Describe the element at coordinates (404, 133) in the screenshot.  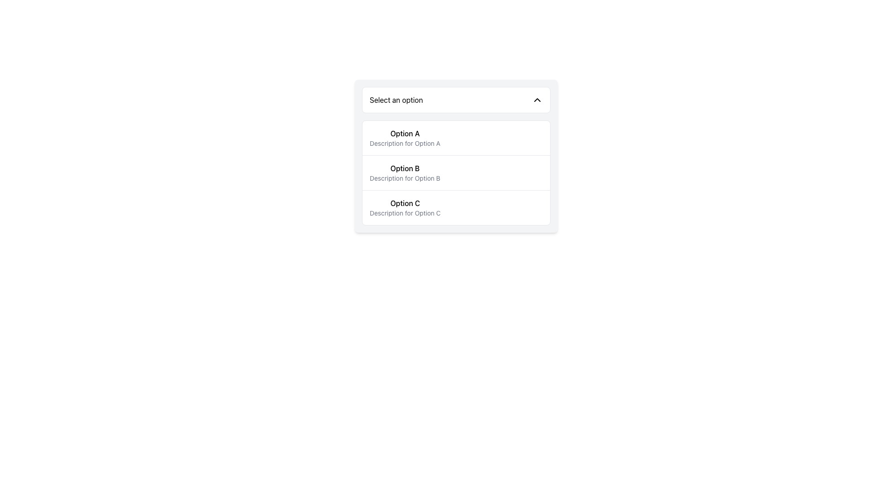
I see `the 'Option A' text label within the dropdown menu to select it as a choice` at that location.